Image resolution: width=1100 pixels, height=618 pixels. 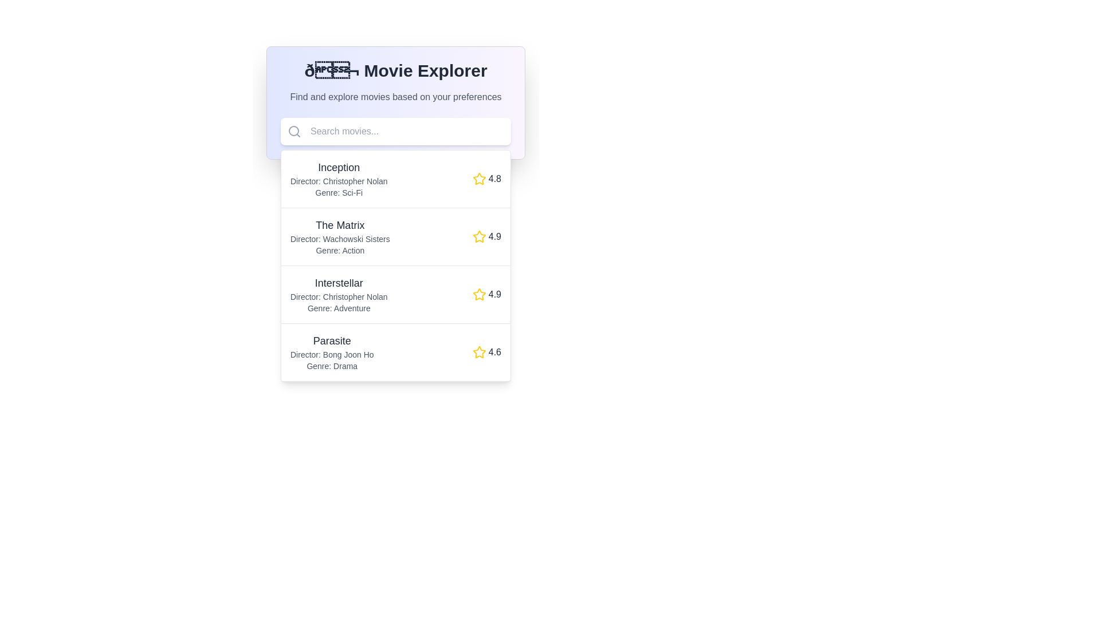 I want to click on the informational text block displaying the title, director's name, and genre of the movie 'Interstellar' in the 'Movie Explorer' interface, so click(x=338, y=294).